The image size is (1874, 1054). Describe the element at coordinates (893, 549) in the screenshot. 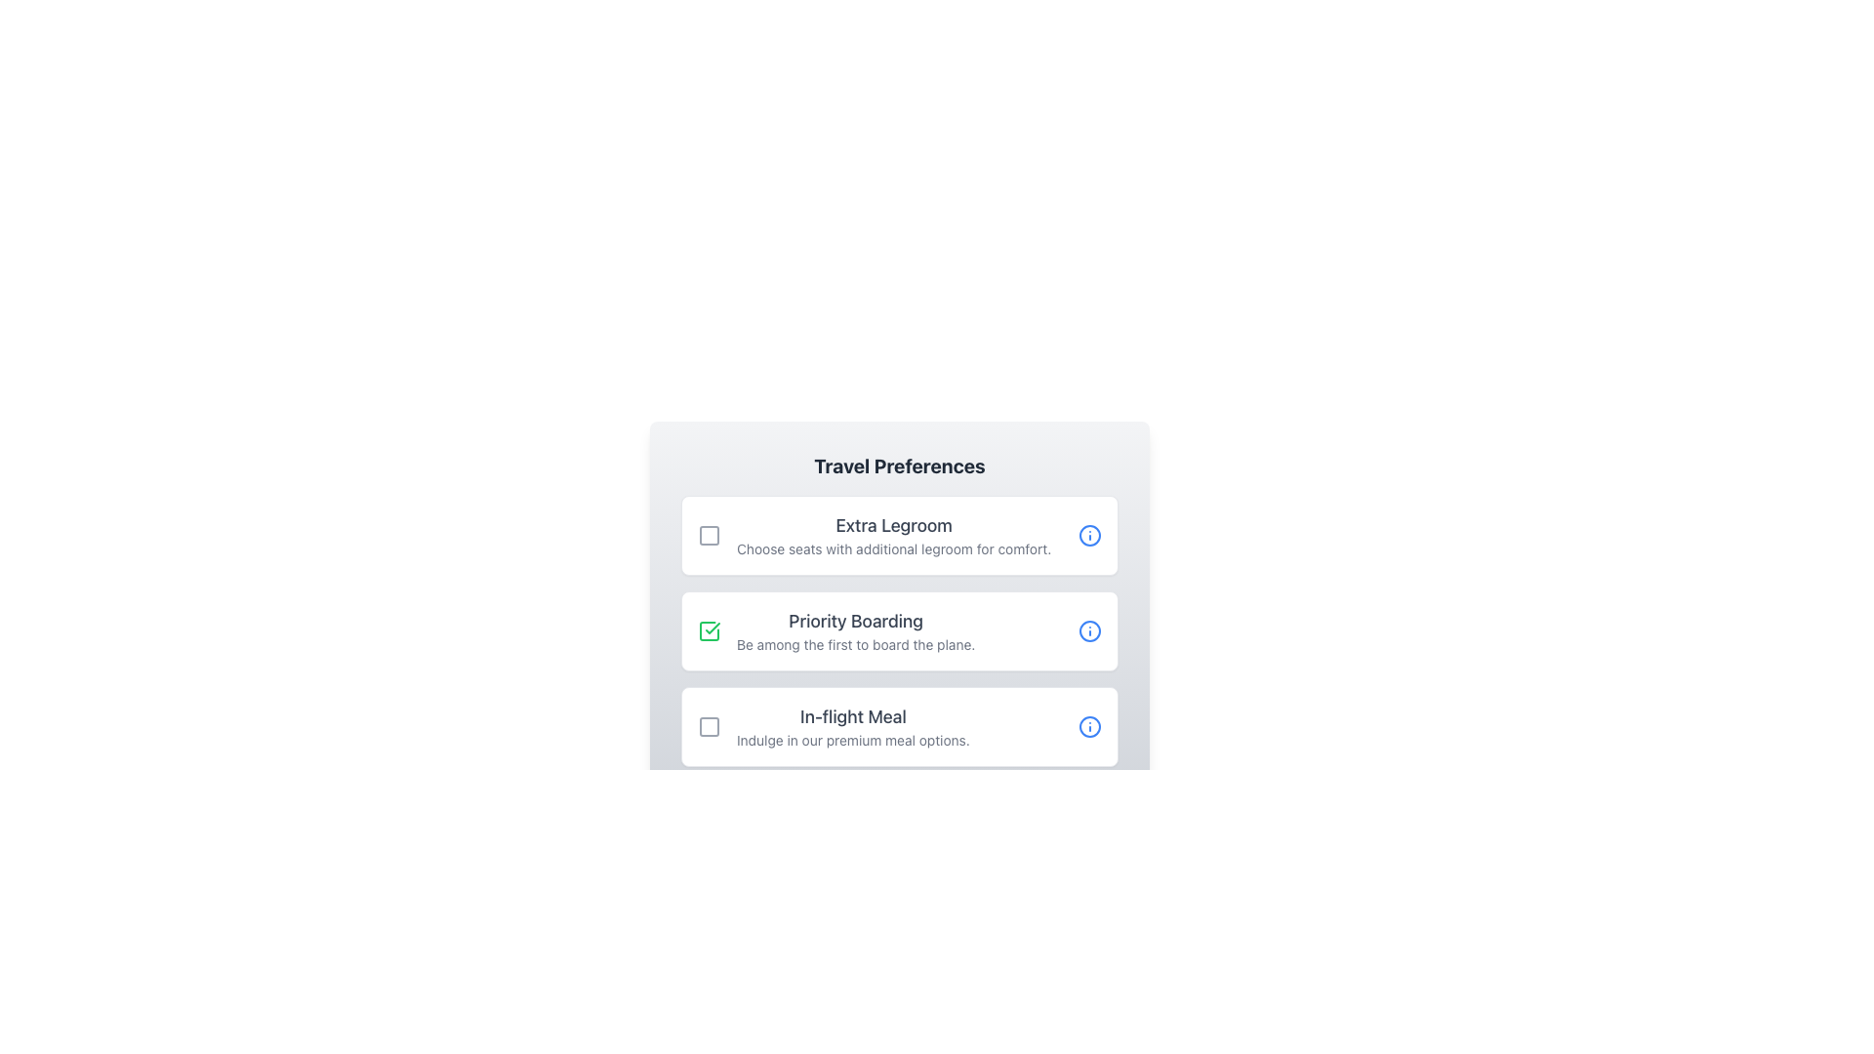

I see `the text element that reads 'Choose seats with additional legroom for comfort.', which is styled with a small font size and gray color, located beneath the title 'Extra Legroom' in the 'Travel Preferences' section` at that location.